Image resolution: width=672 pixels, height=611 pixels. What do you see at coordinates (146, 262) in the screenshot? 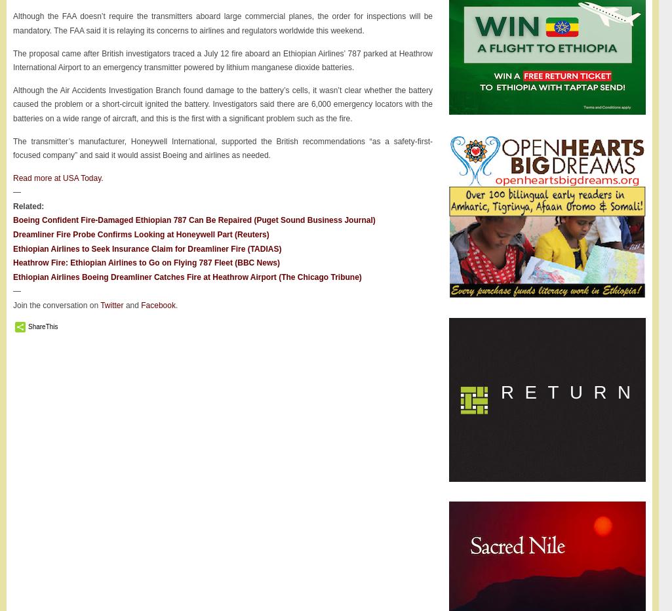
I see `'Heathrow Fire: Ethiopian Airlines to Go on Flying 787 Fleet (BBC News)'` at bounding box center [146, 262].